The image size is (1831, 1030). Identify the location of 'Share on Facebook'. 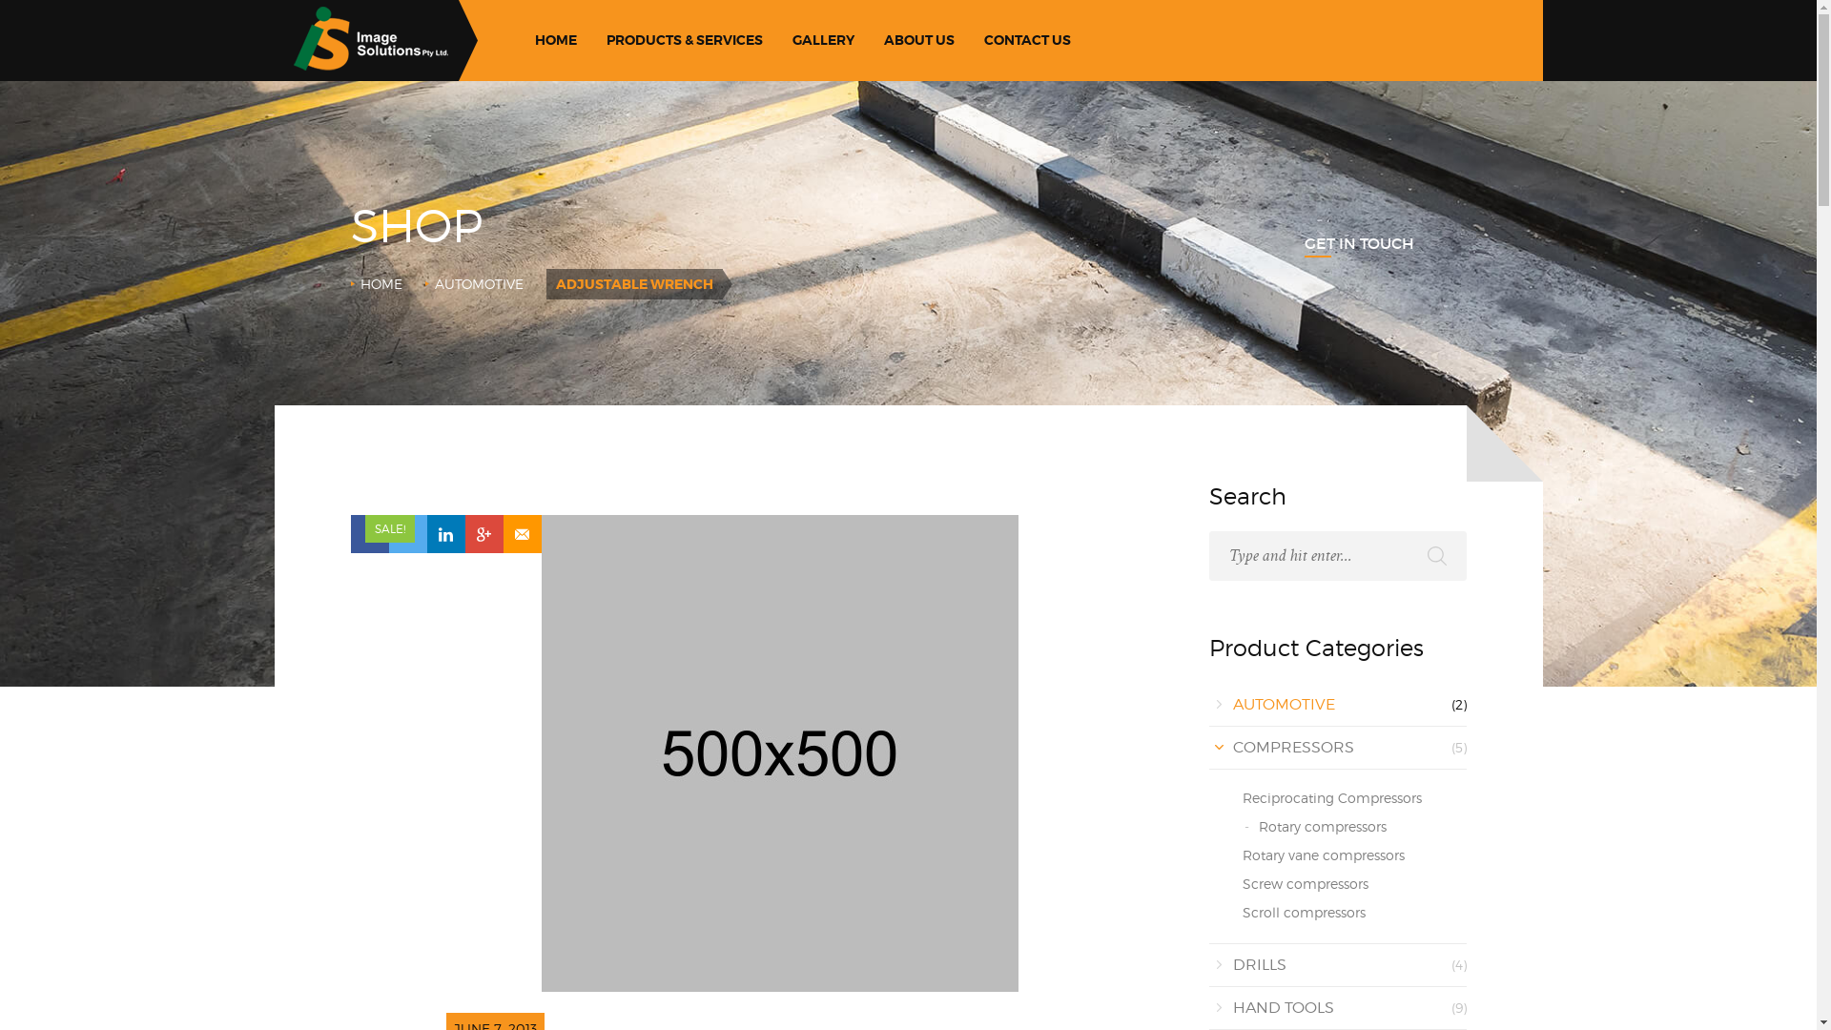
(370, 533).